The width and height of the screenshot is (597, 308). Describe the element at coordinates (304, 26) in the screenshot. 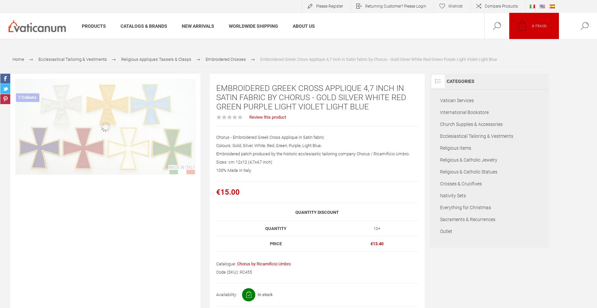

I see `'About Us'` at that location.